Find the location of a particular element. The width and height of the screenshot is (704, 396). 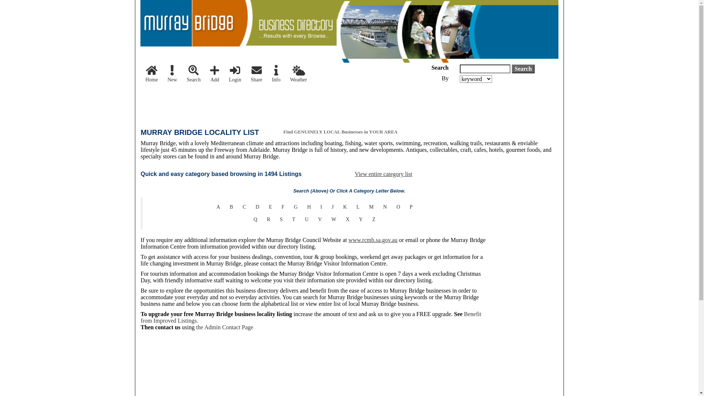

'O' is located at coordinates (397, 207).